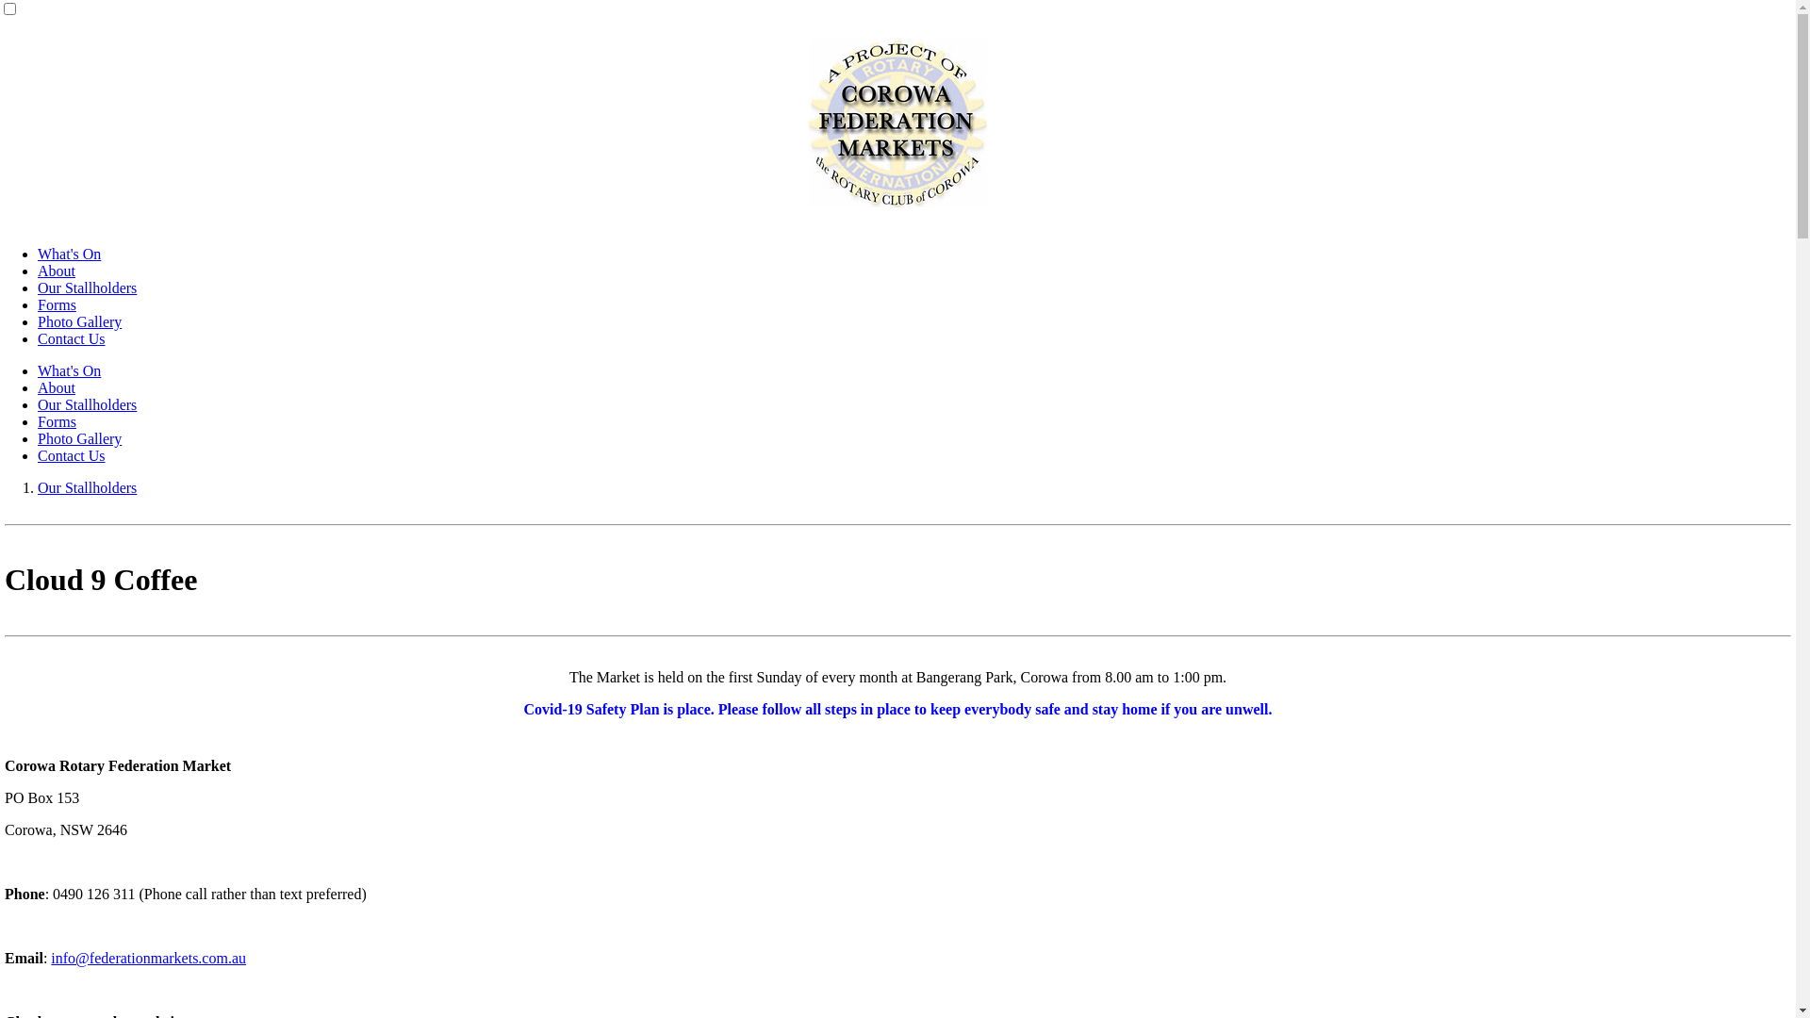 The width and height of the screenshot is (1810, 1018). What do you see at coordinates (57, 420) in the screenshot?
I see `'Forms'` at bounding box center [57, 420].